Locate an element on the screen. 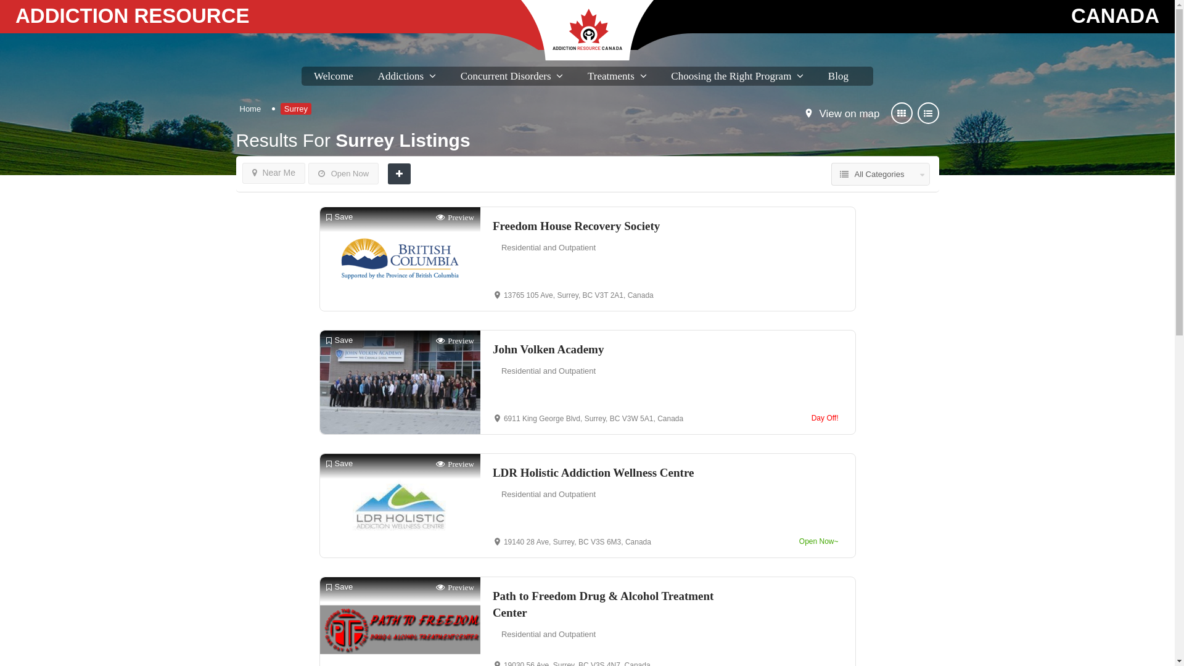 The height and width of the screenshot is (666, 1184). 'Near Me' is located at coordinates (273, 173).